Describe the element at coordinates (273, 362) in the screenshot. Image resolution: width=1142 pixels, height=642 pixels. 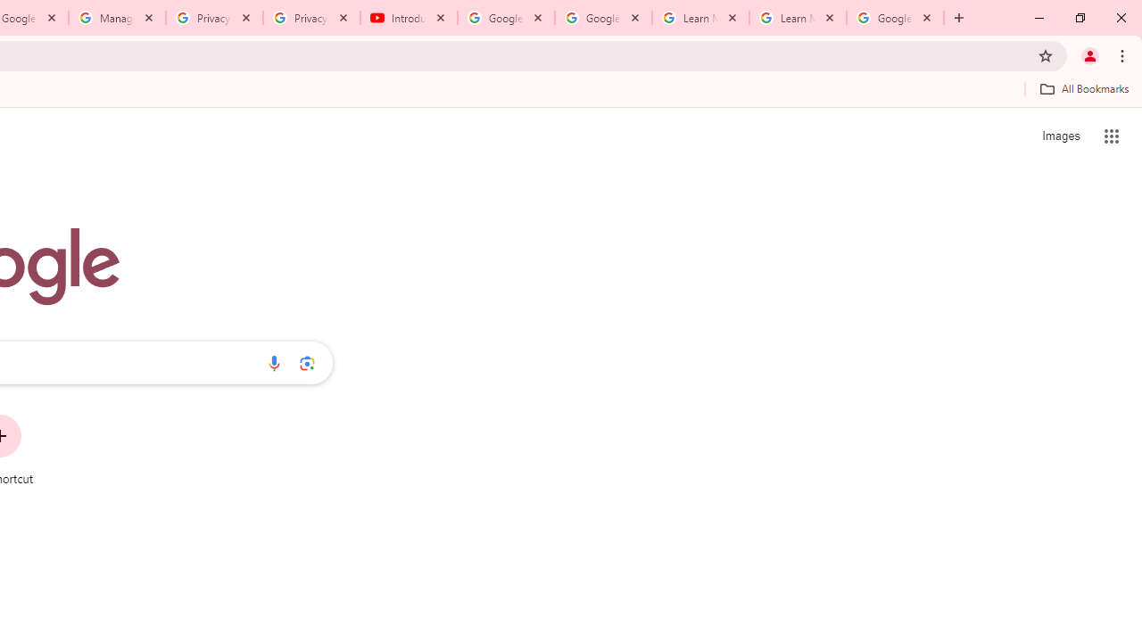
I see `'Search by voice'` at that location.